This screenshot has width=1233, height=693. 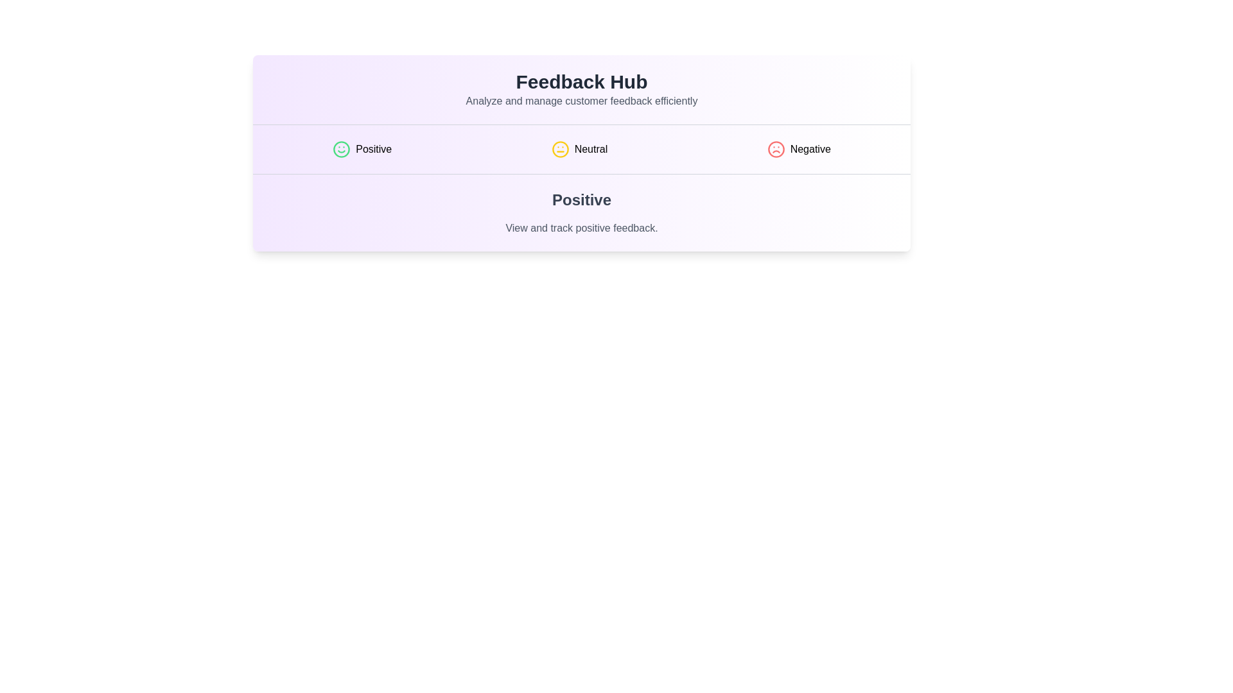 What do you see at coordinates (579, 148) in the screenshot?
I see `the Neutral tab by clicking on its button` at bounding box center [579, 148].